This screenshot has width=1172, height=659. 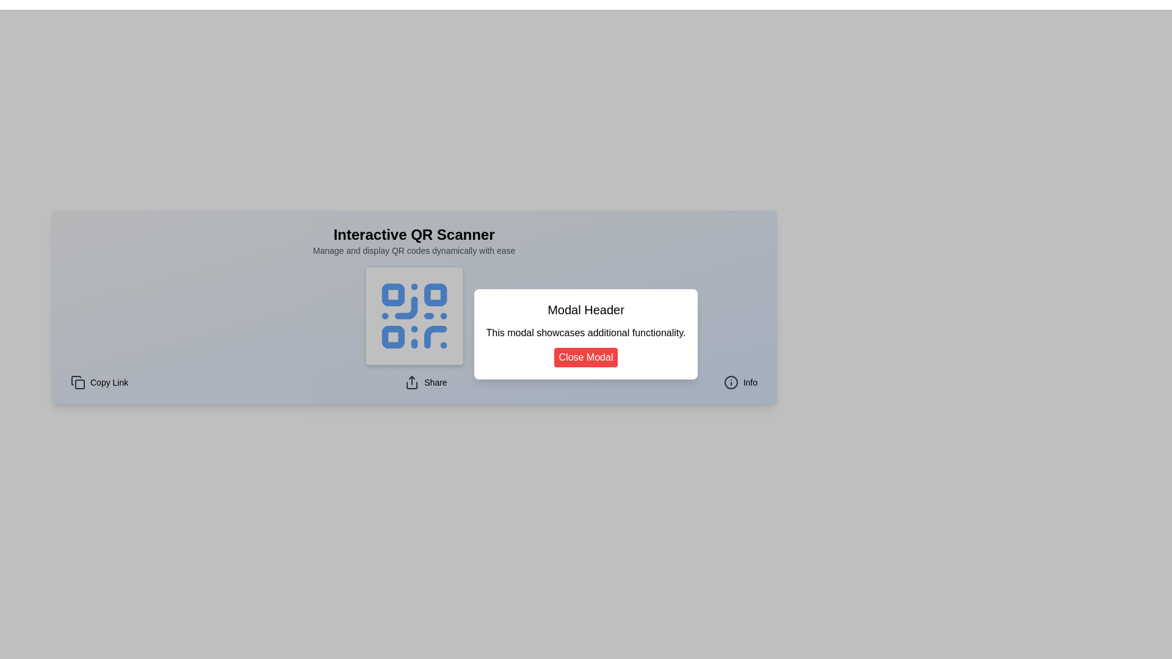 I want to click on the 'Share' text label, which is styled as standard black text and located to the right of an upward arrow icon in the bottom-left corner of the modal, so click(x=435, y=382).